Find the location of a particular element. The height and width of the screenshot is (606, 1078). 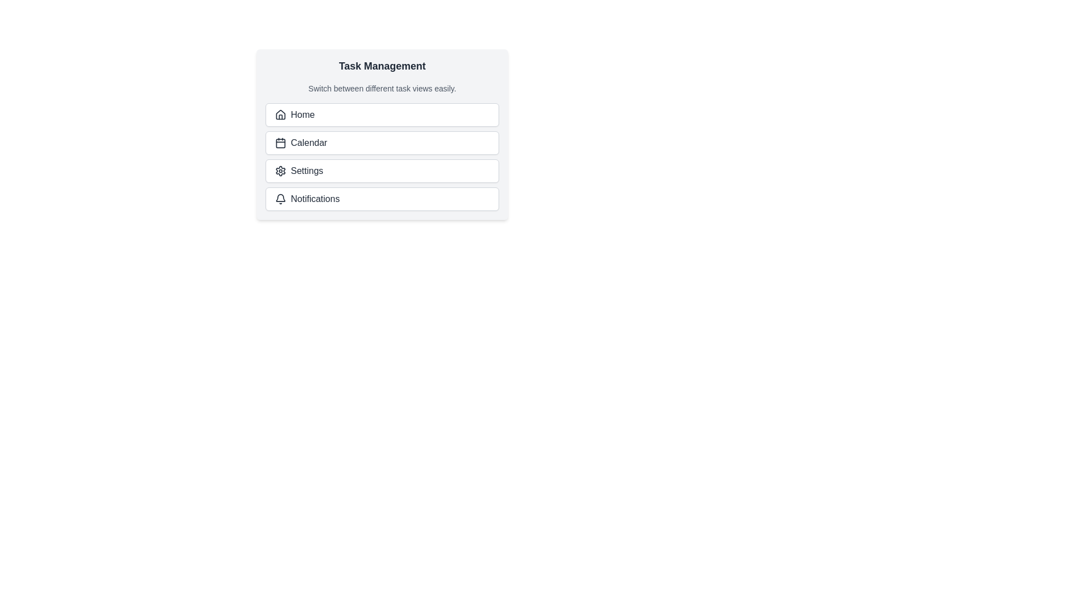

the notification icon located to the left of the 'Notifications' button, which serves as a symbolic representation for notifications is located at coordinates (280, 198).